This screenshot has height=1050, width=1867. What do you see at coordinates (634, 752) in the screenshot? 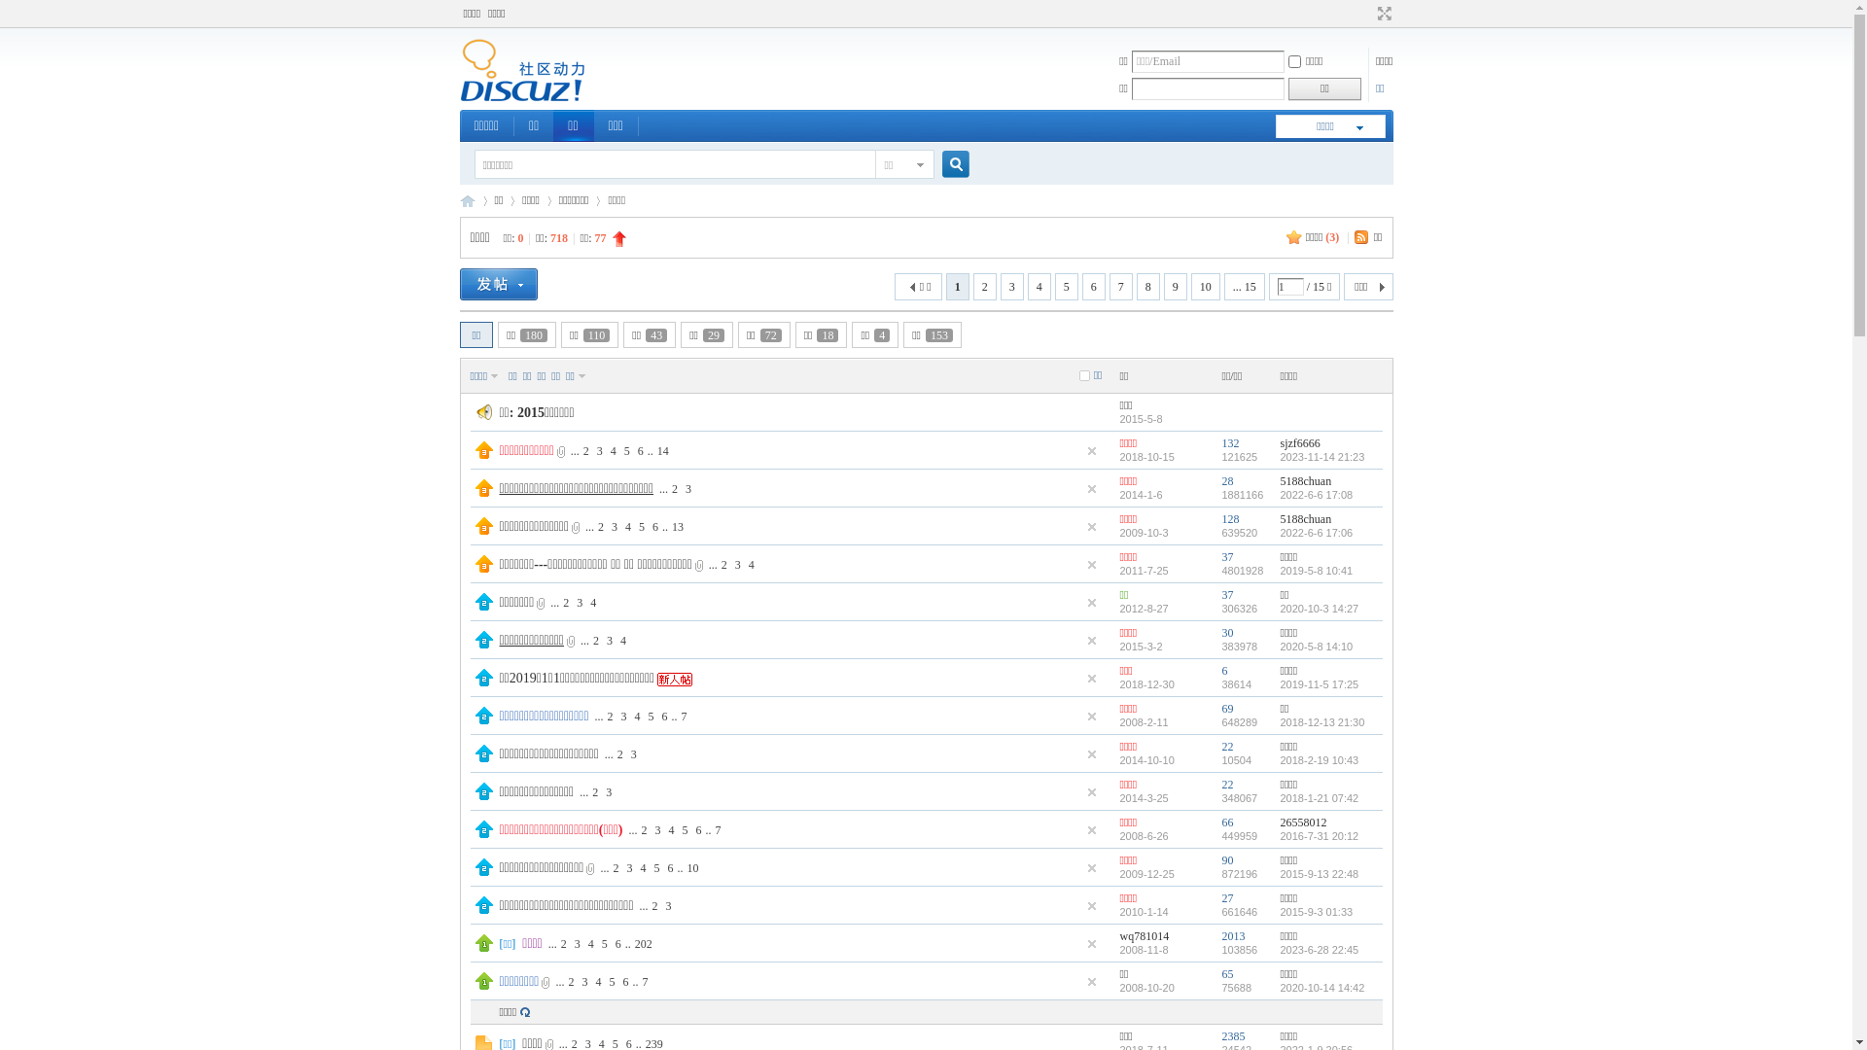
I see `'3'` at bounding box center [634, 752].